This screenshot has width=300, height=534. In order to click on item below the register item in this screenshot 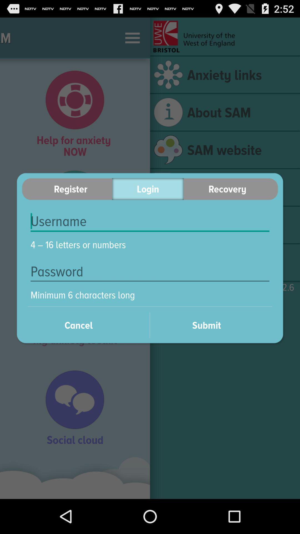, I will do `click(150, 221)`.